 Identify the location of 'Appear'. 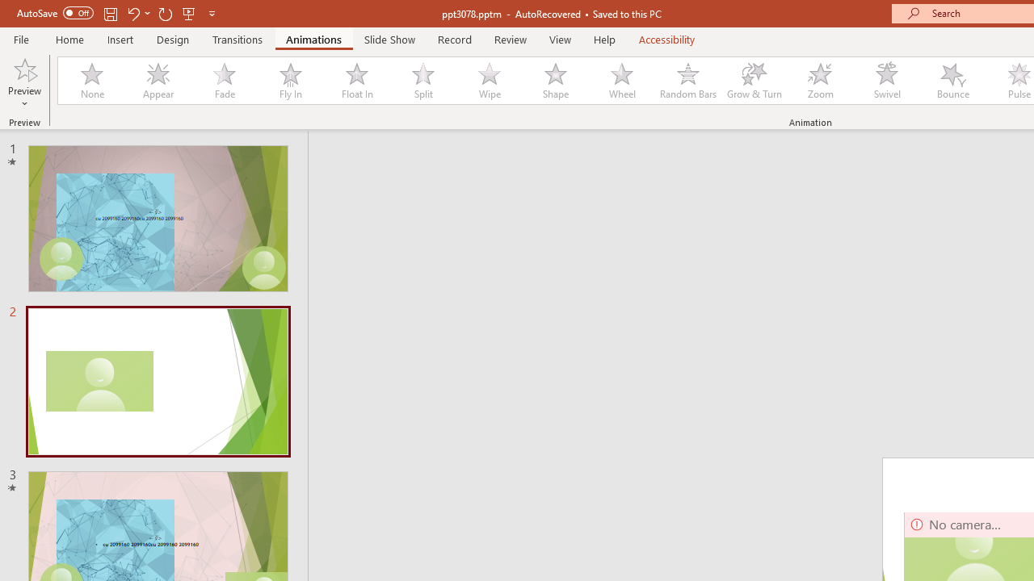
(158, 81).